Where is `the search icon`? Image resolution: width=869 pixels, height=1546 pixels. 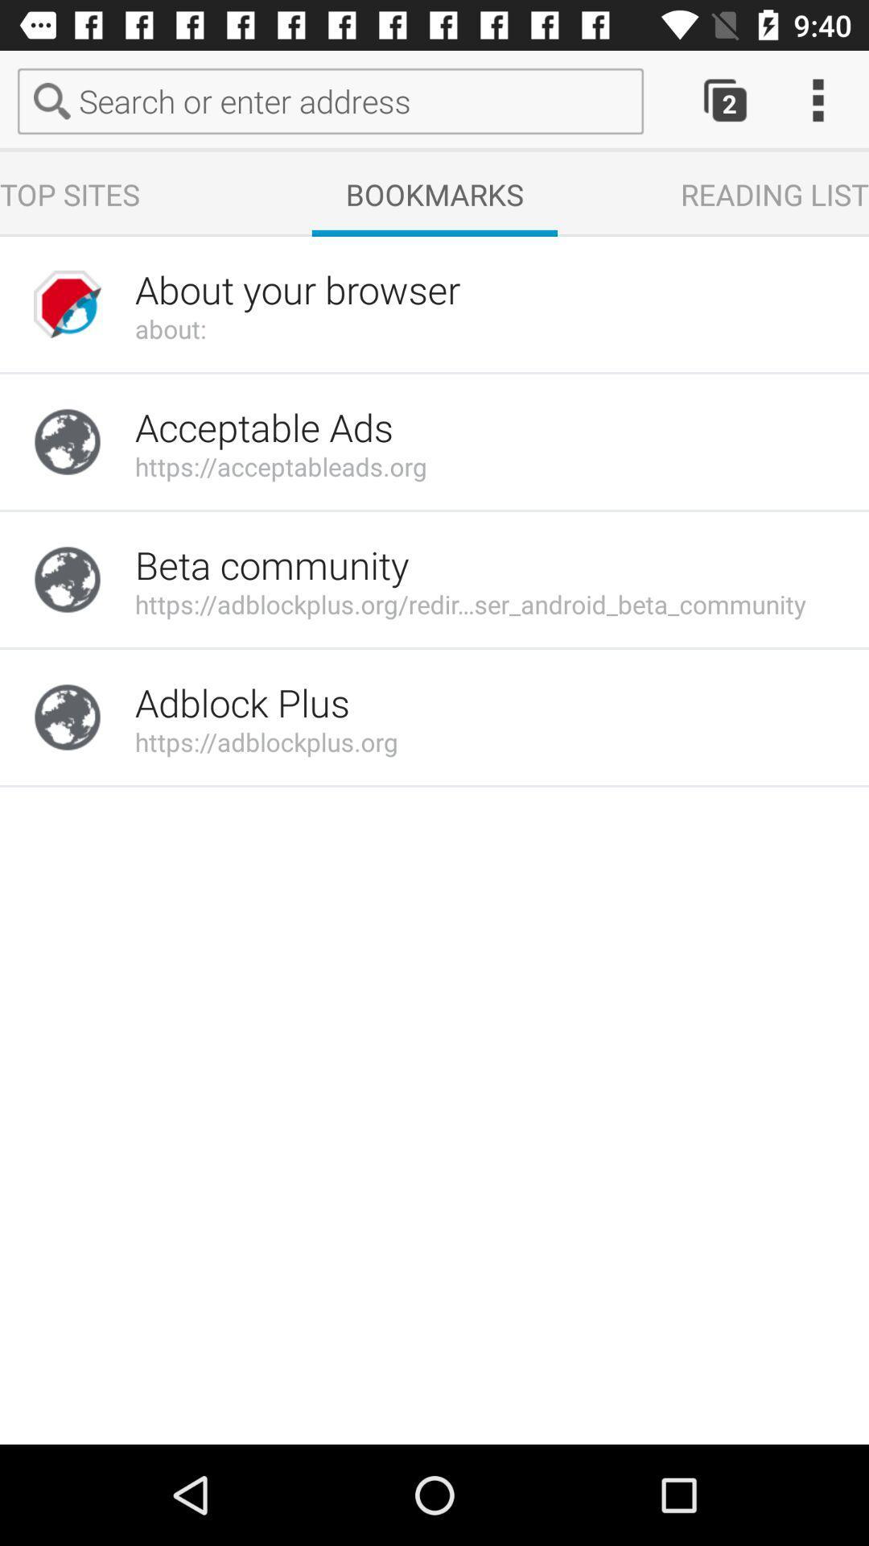
the search icon is located at coordinates (55, 100).